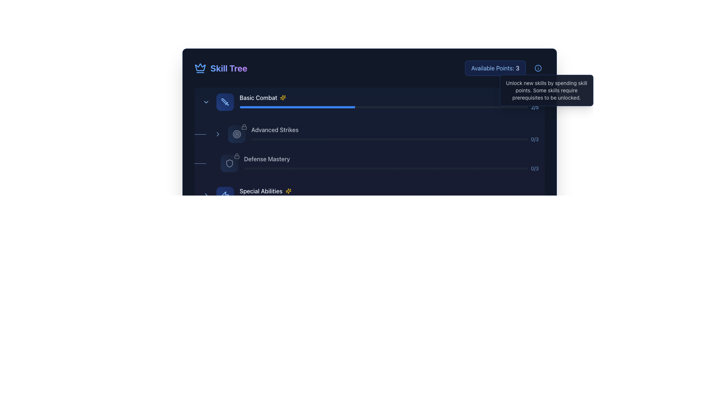 The height and width of the screenshot is (394, 702). What do you see at coordinates (385, 169) in the screenshot?
I see `the horizontal progress bar within the 'Defense Mastery' section of the skill tree interface, which currently shows 0% progress` at bounding box center [385, 169].